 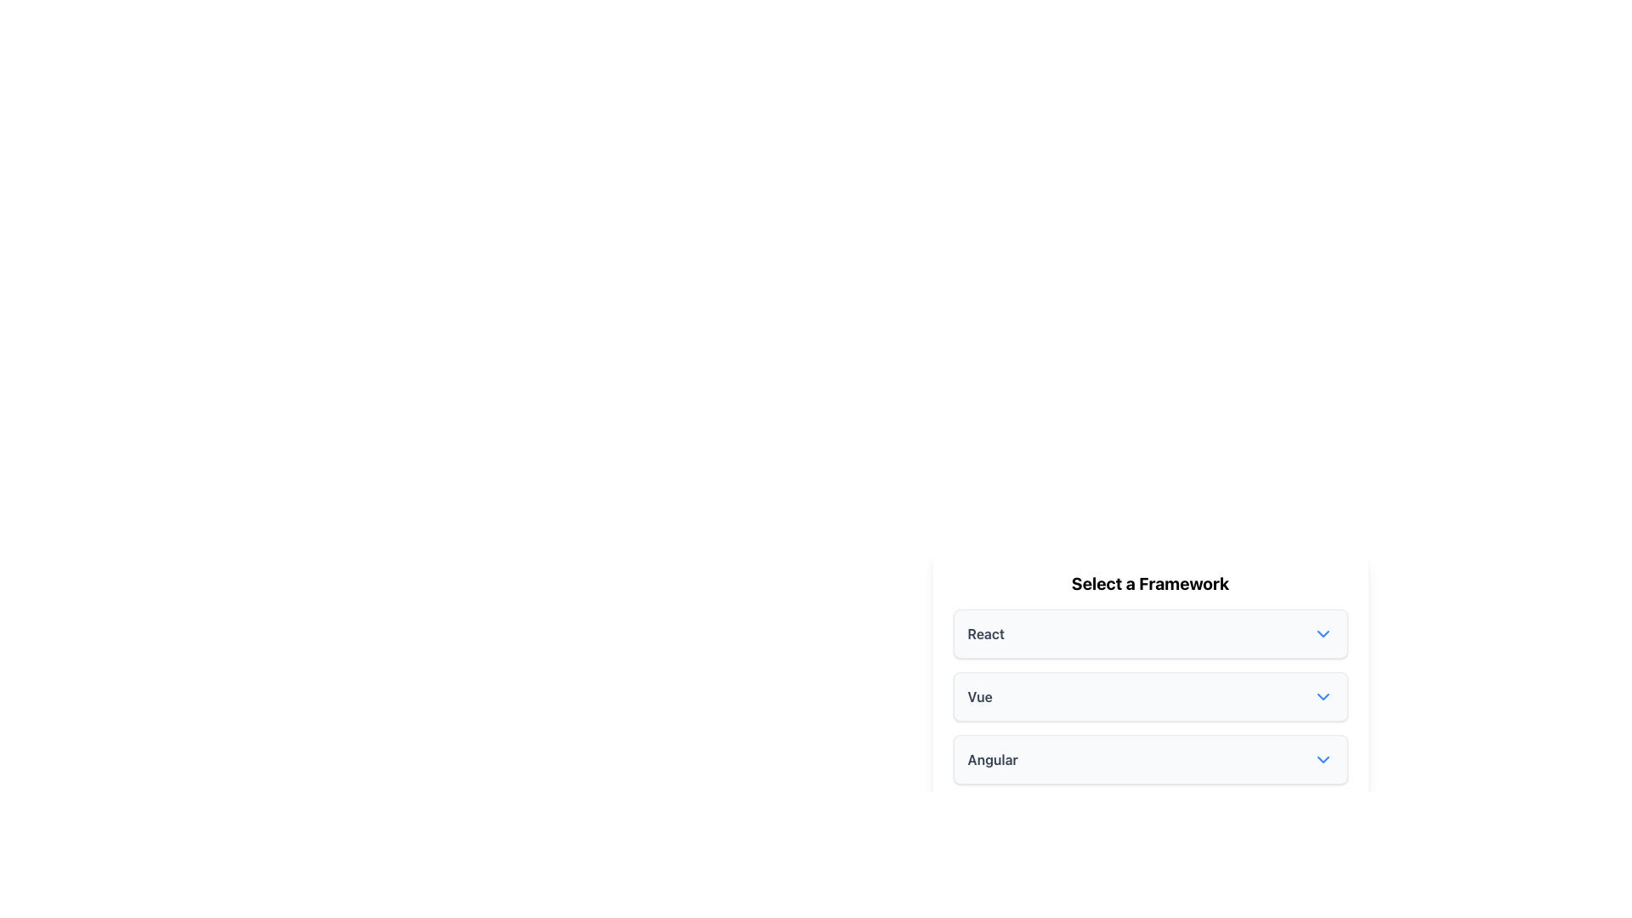 What do you see at coordinates (980, 697) in the screenshot?
I see `the text label displaying 'Vue' in the framework selection menu, which is the second element in the vertical list between 'React' and 'Angular'` at bounding box center [980, 697].